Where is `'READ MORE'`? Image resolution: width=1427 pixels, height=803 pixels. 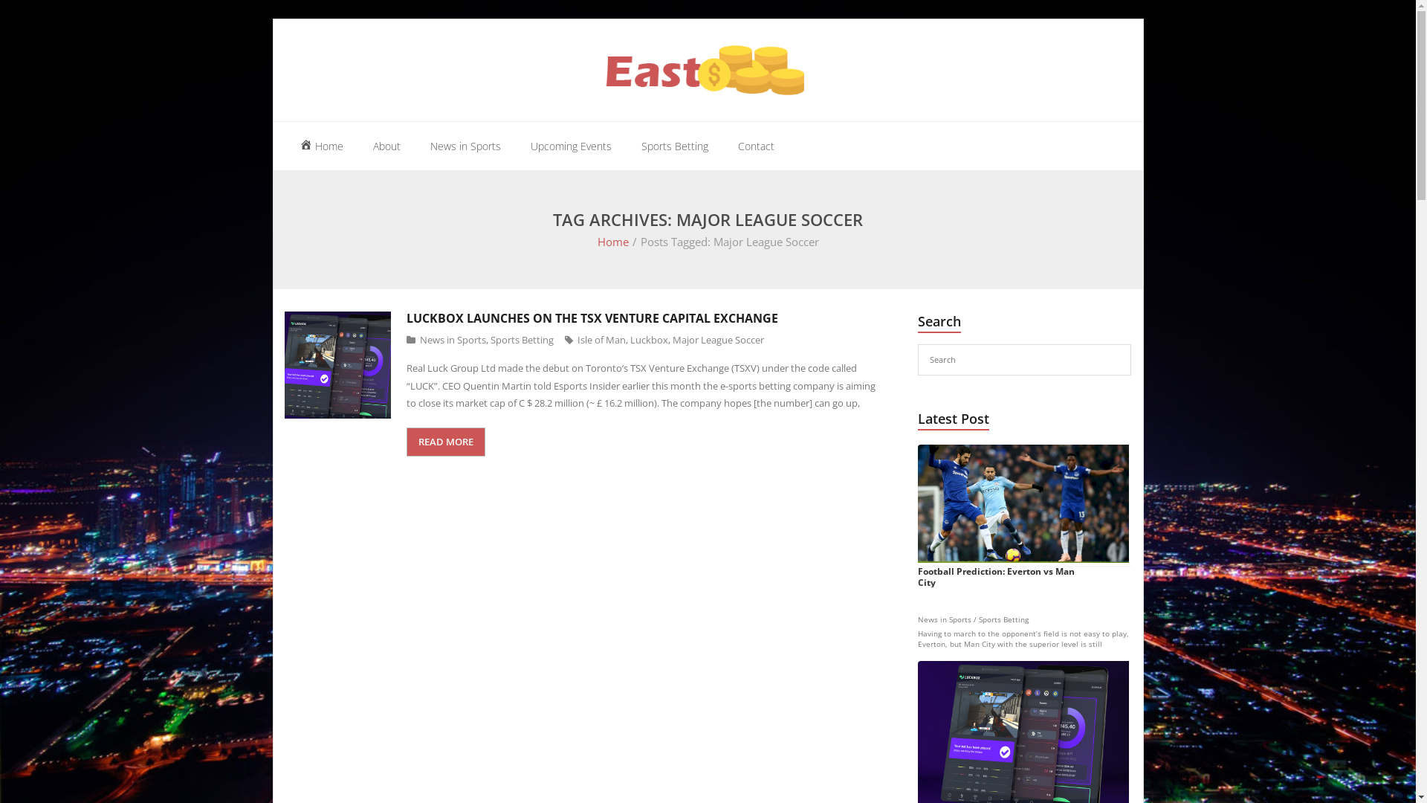
'READ MORE' is located at coordinates (445, 441).